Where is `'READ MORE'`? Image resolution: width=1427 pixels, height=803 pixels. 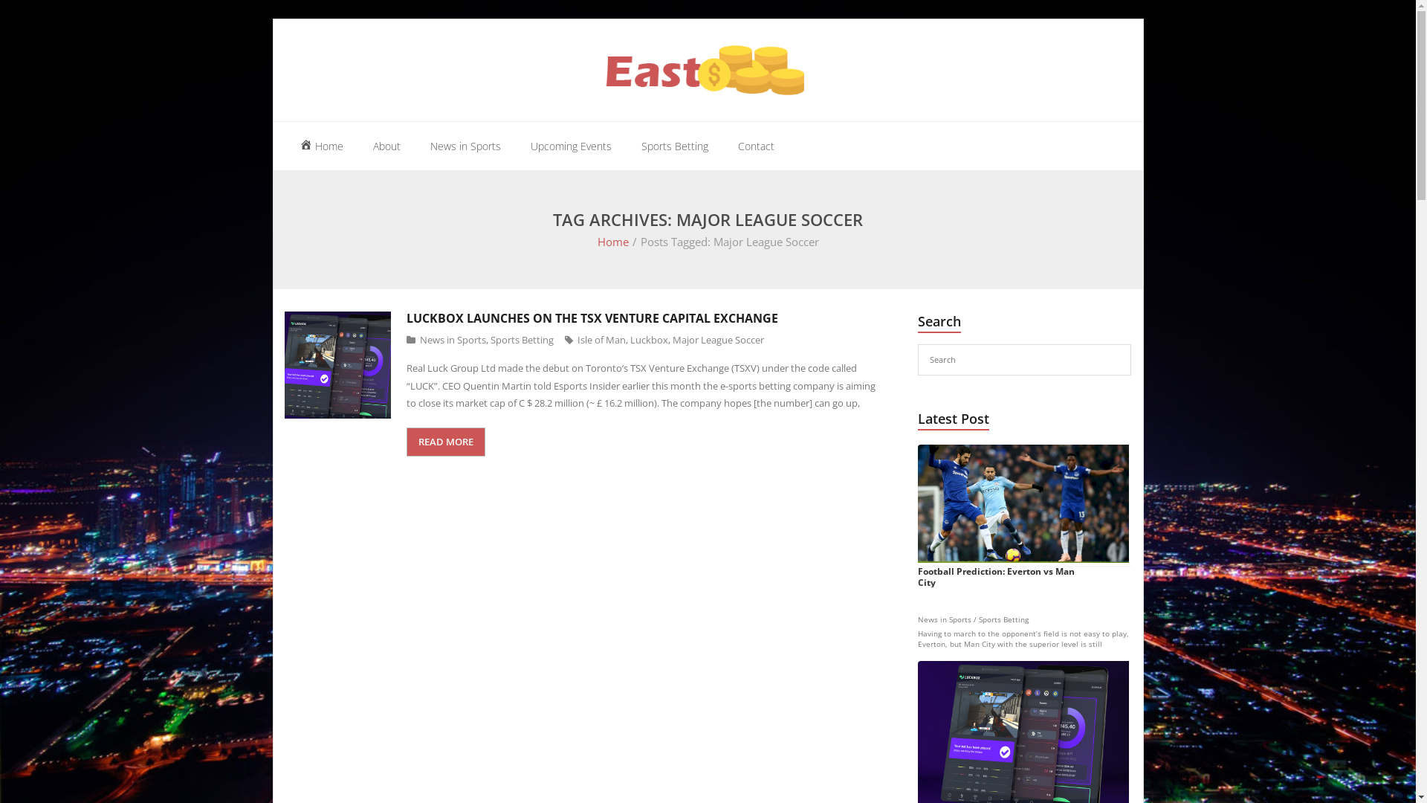
'READ MORE' is located at coordinates (445, 441).